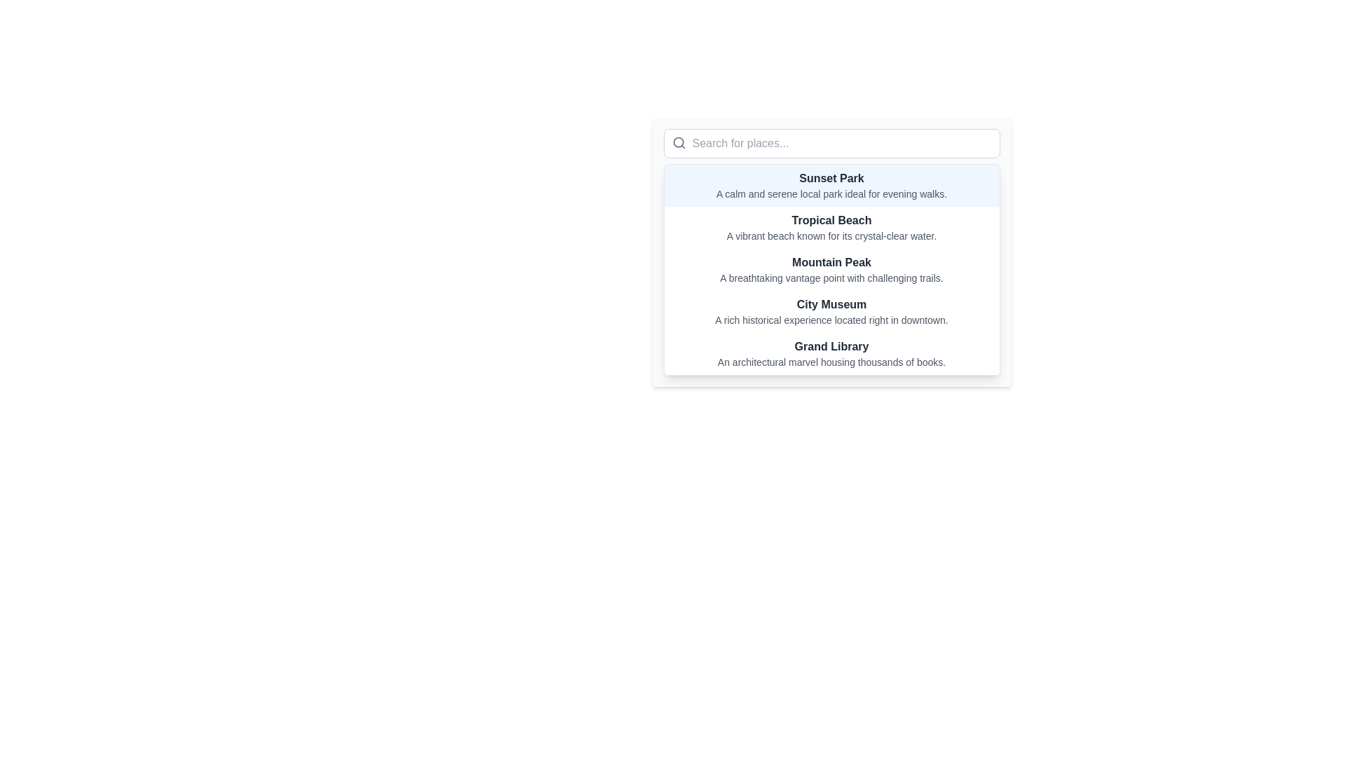  What do you see at coordinates (678, 142) in the screenshot?
I see `the small circular shape within the magnifying glass icon, which represents the inner detail of the search icon, positioned near the top-left corner of the interface` at bounding box center [678, 142].